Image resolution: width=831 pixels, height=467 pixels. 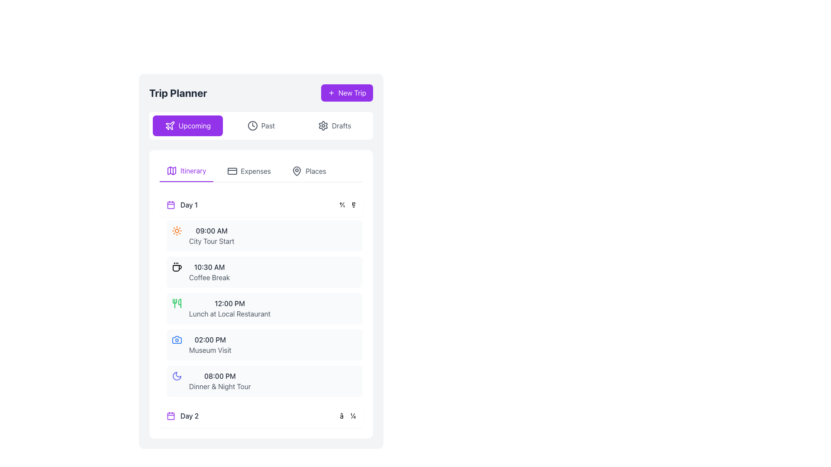 I want to click on text label of the 'Upcoming' tab, which describes its function for viewing upcoming events or content, so click(x=194, y=125).